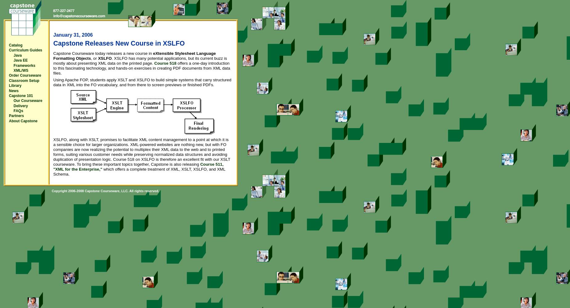 The width and height of the screenshot is (570, 308). I want to click on 'Library', so click(9, 86).